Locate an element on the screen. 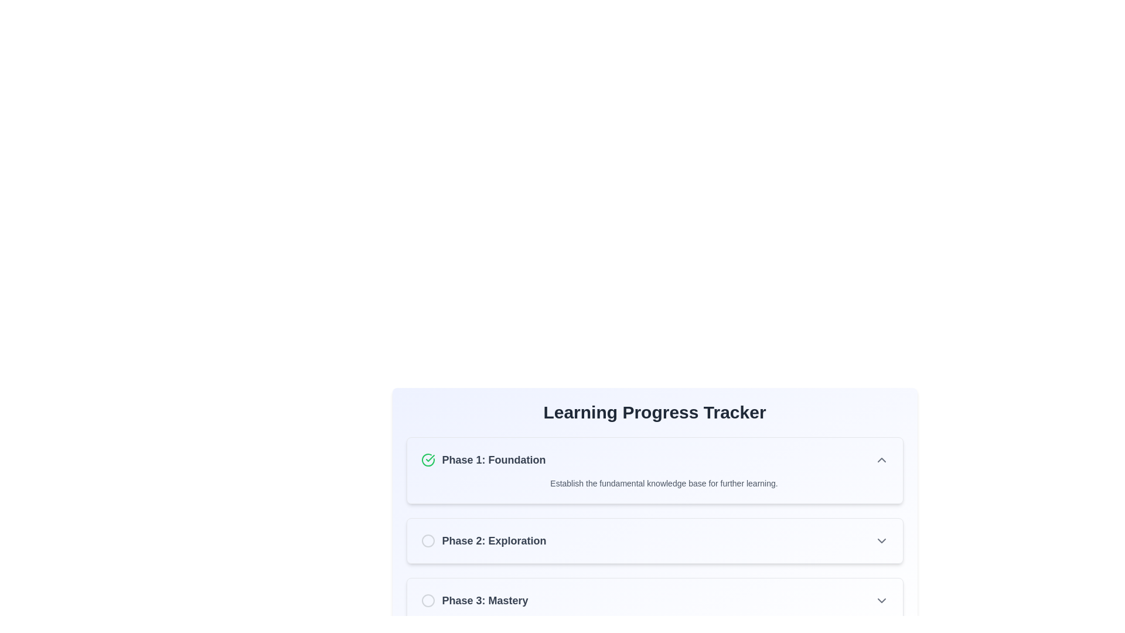 The height and width of the screenshot is (633, 1125). the decorative SVG circle that indicates the completion status of the 'Phase 2: Exploration' section in the 'Learning Progress Tracker' is located at coordinates (427, 540).